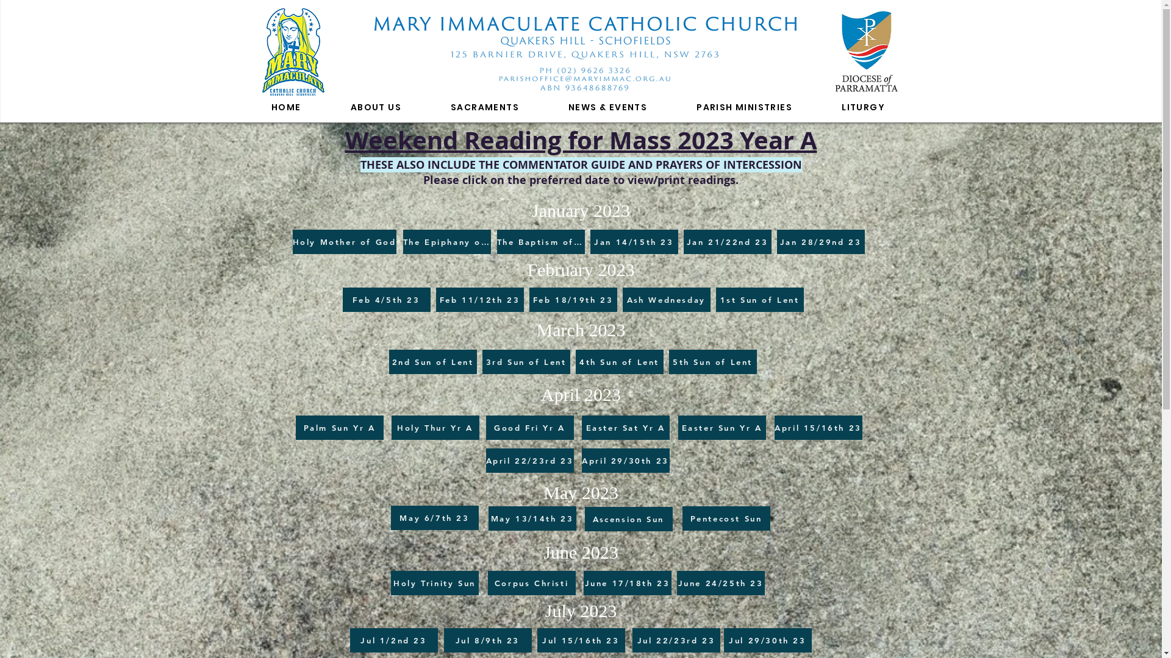 The image size is (1171, 658). What do you see at coordinates (665, 300) in the screenshot?
I see `'Ash Wednesday'` at bounding box center [665, 300].